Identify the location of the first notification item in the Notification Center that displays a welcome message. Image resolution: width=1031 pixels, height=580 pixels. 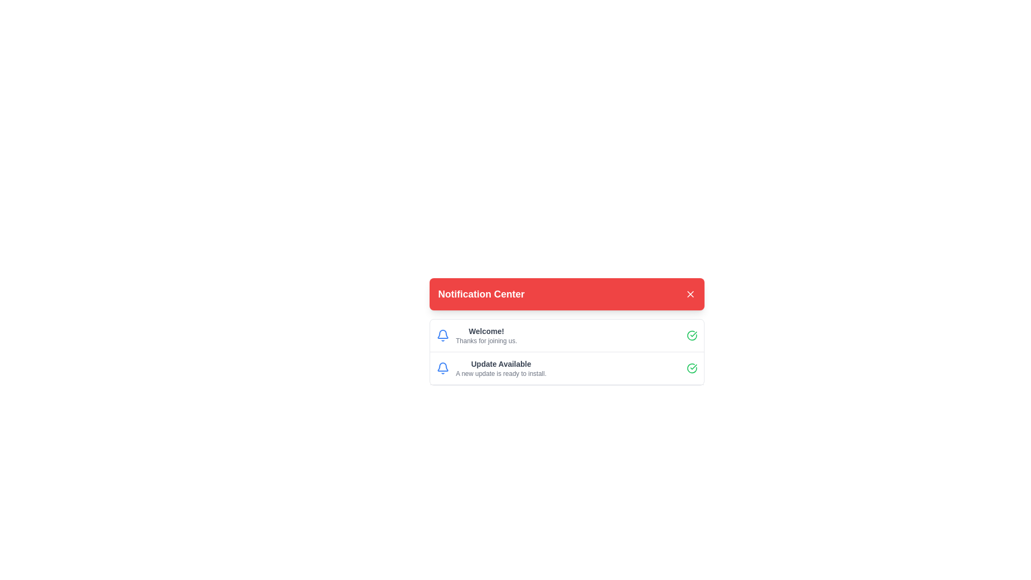
(567, 335).